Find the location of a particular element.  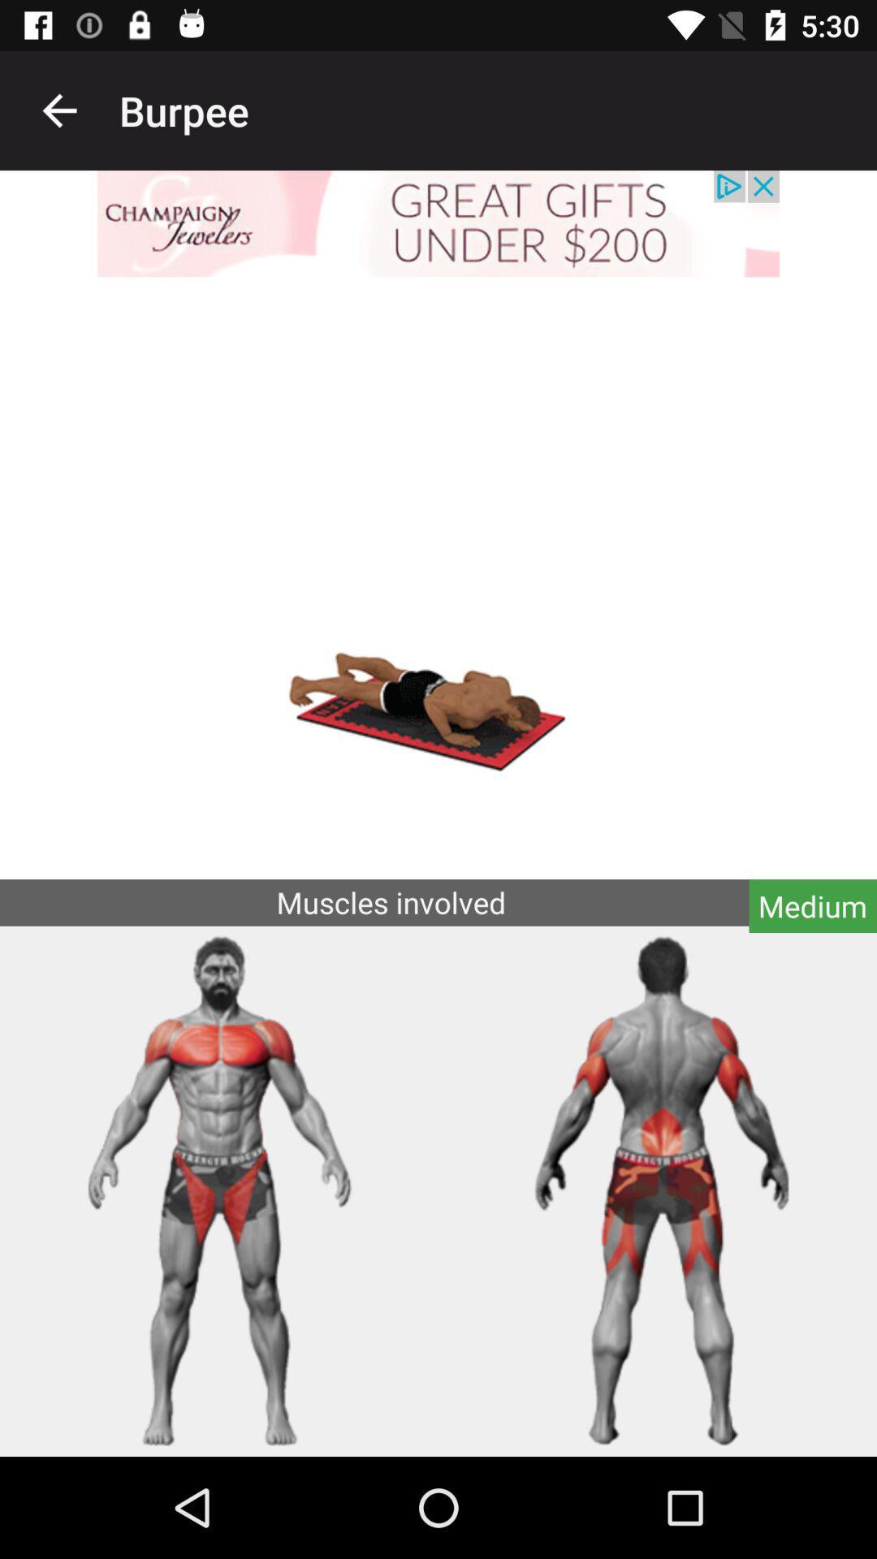

jewelry offer advertisement is located at coordinates (438, 222).